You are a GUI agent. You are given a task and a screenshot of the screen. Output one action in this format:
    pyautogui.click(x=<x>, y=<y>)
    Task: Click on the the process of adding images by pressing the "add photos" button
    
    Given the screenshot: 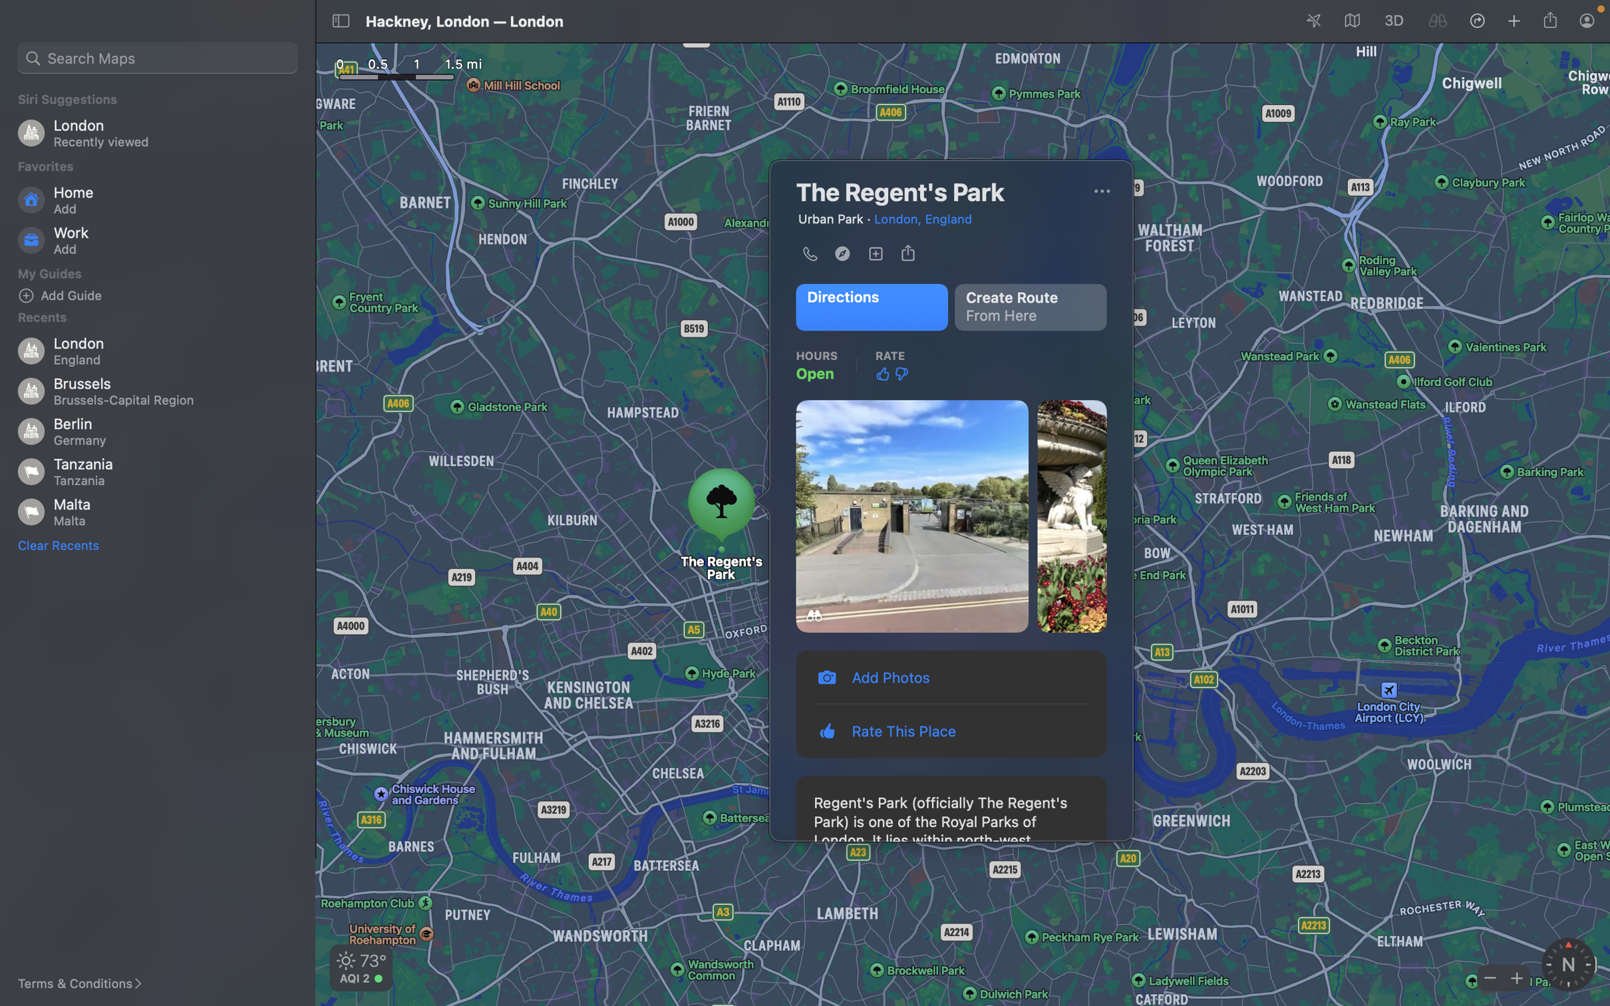 What is the action you would take?
    pyautogui.click(x=952, y=676)
    